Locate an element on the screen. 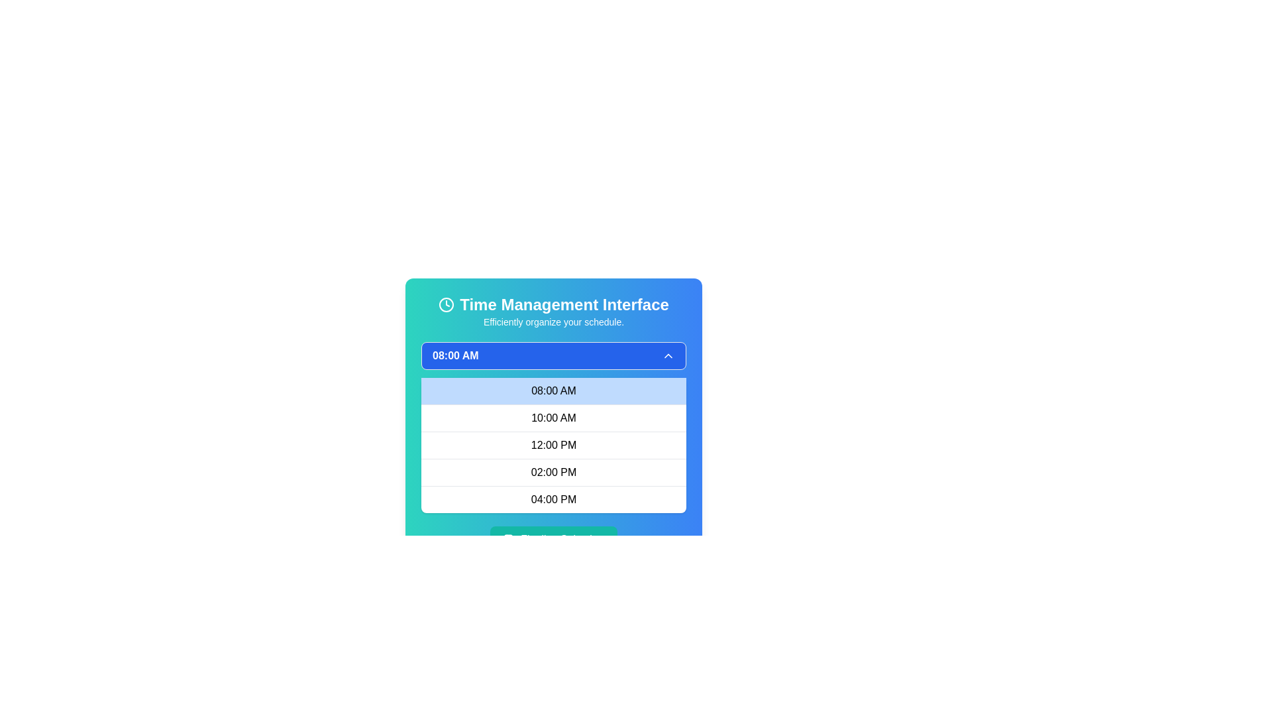 This screenshot has height=716, width=1272. the circular graphical element located within the clock icon at the top-left corner of the interface, adjacent to the title 'Time Management Interface' is located at coordinates (447, 304).